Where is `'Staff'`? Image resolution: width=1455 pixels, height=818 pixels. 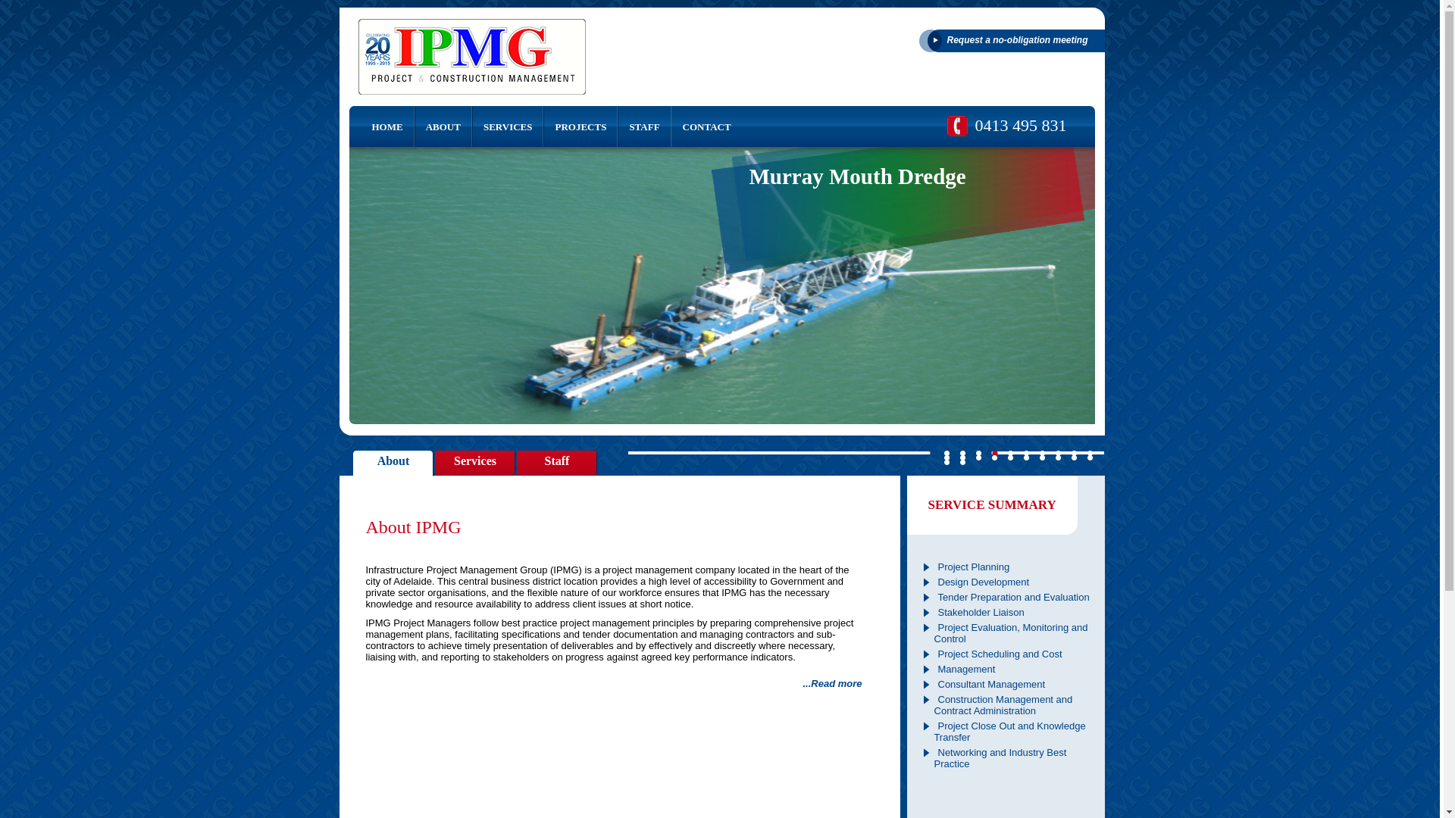
'Staff' is located at coordinates (556, 463).